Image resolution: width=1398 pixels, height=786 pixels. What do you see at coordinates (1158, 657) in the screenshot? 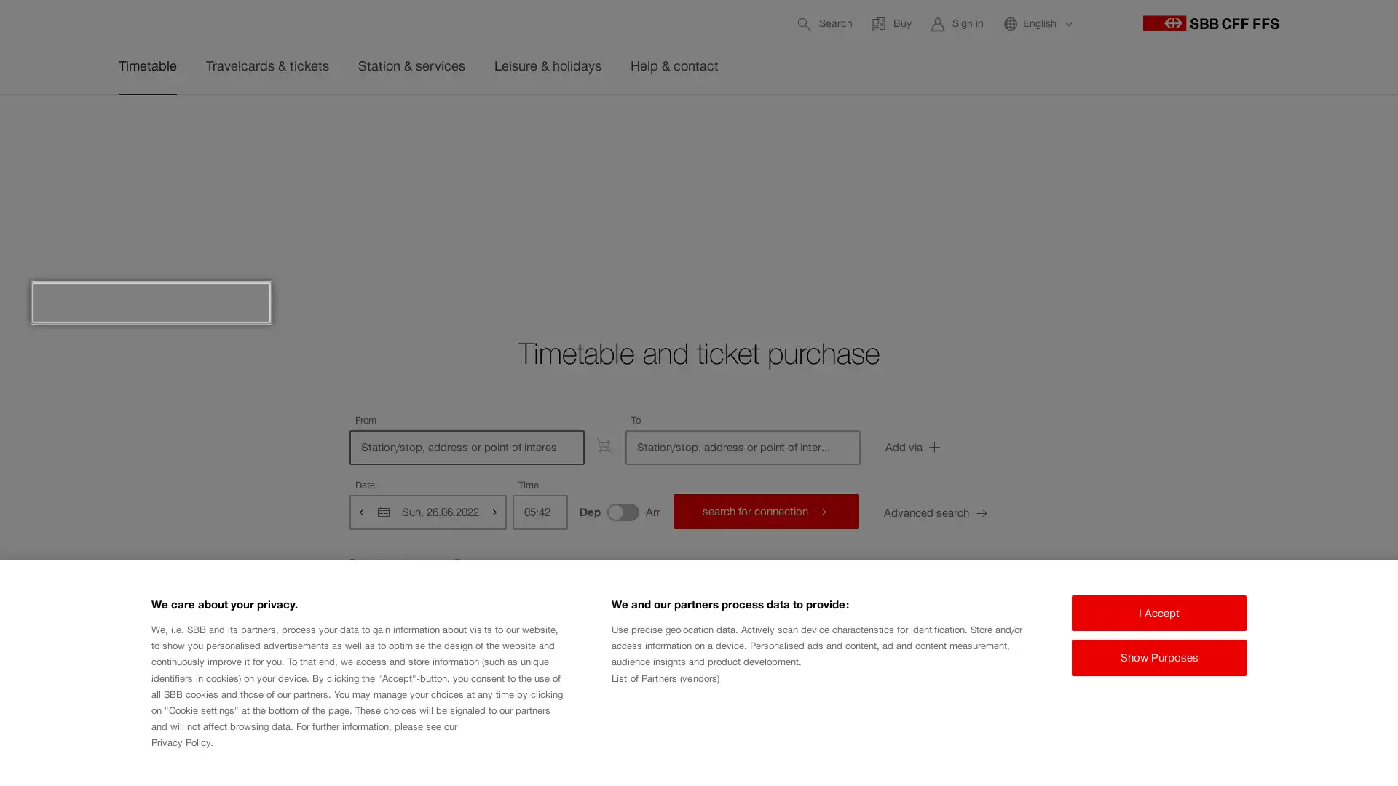
I see `Show Purposes` at bounding box center [1158, 657].